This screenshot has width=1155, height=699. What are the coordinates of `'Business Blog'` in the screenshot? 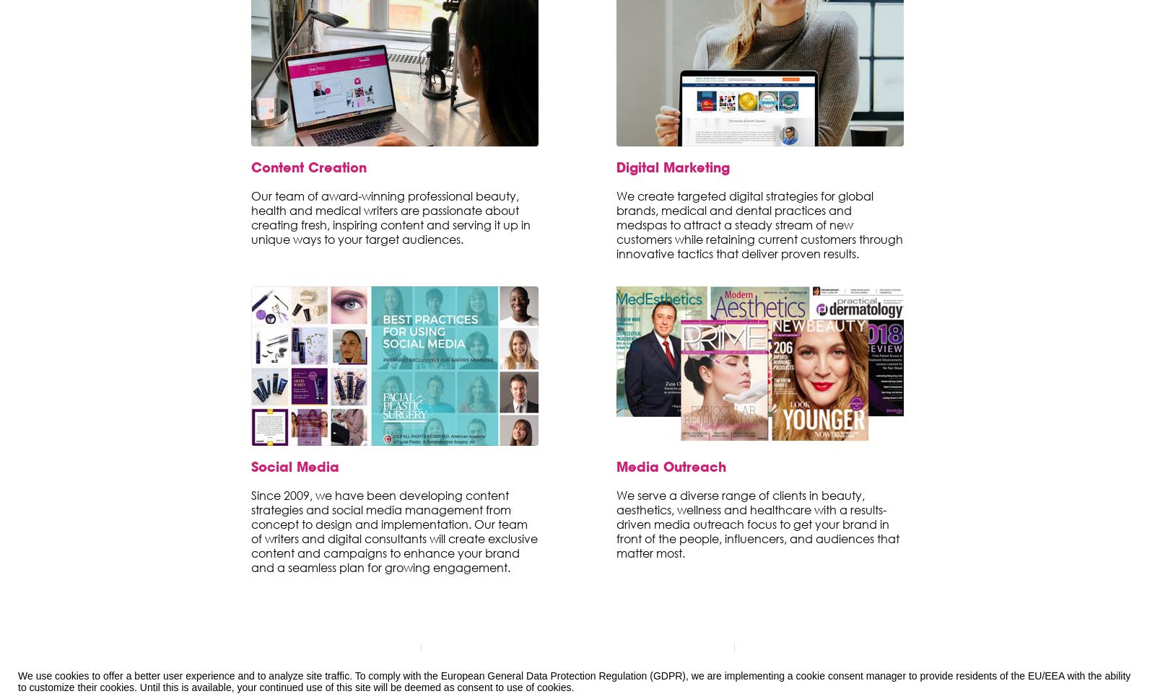 It's located at (264, 674).